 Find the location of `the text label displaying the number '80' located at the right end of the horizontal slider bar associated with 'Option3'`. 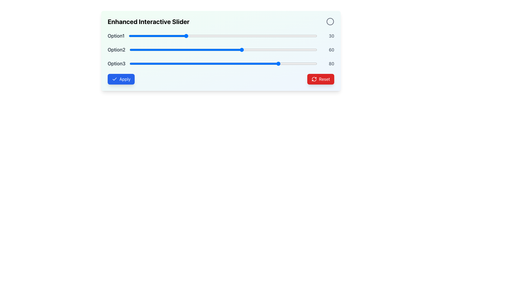

the text label displaying the number '80' located at the right end of the horizontal slider bar associated with 'Option3' is located at coordinates (328, 63).